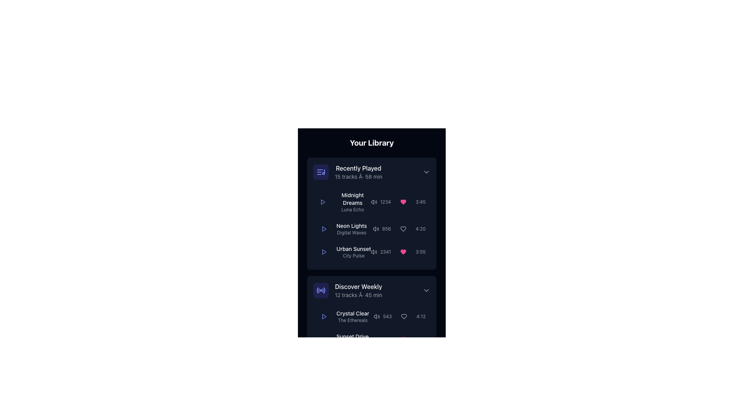 Image resolution: width=739 pixels, height=415 pixels. Describe the element at coordinates (321, 290) in the screenshot. I see `the broadcasting icon located near the top-left corner of the 'Discover Weekly' section` at that location.